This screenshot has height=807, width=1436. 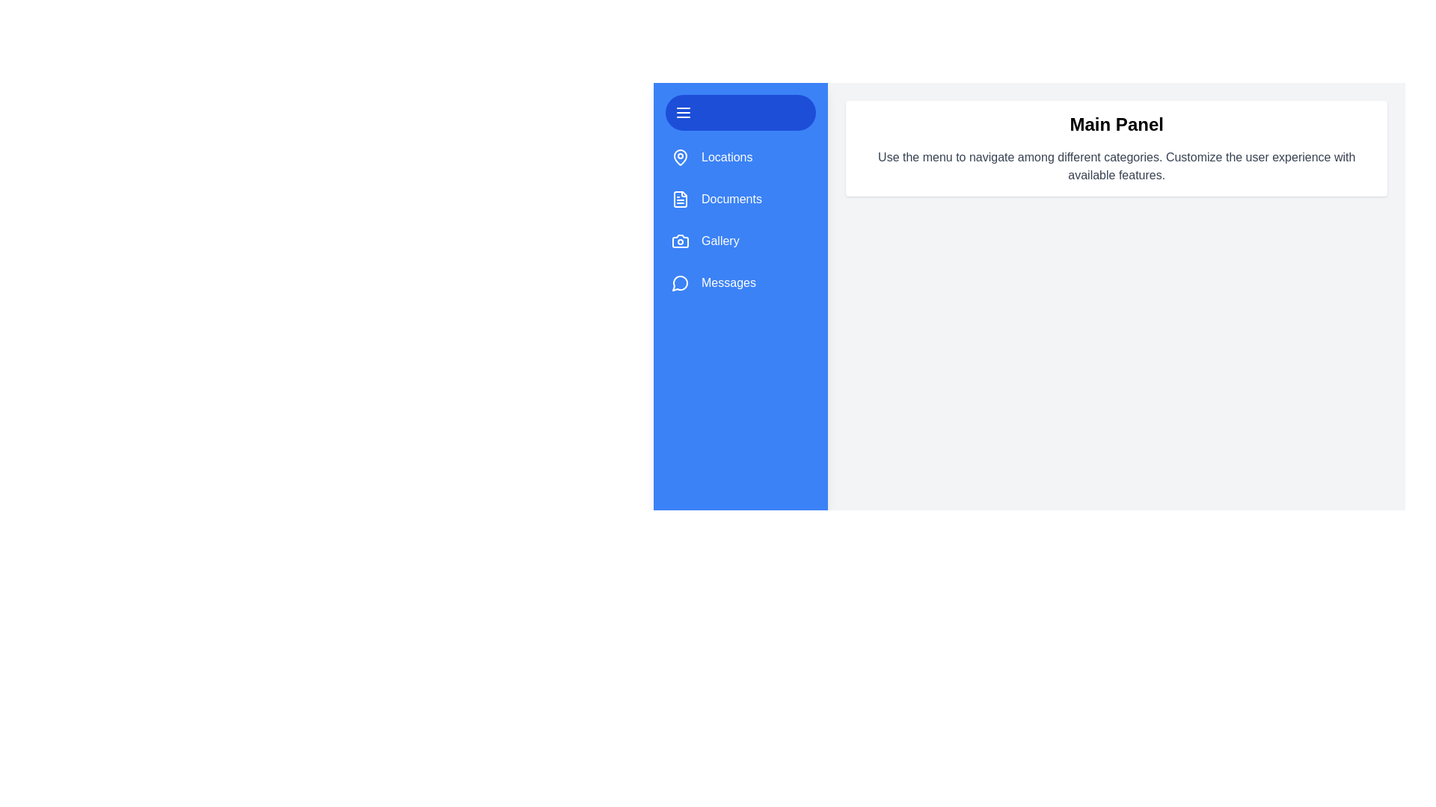 I want to click on the category Messages to observe its hover effect, so click(x=740, y=282).